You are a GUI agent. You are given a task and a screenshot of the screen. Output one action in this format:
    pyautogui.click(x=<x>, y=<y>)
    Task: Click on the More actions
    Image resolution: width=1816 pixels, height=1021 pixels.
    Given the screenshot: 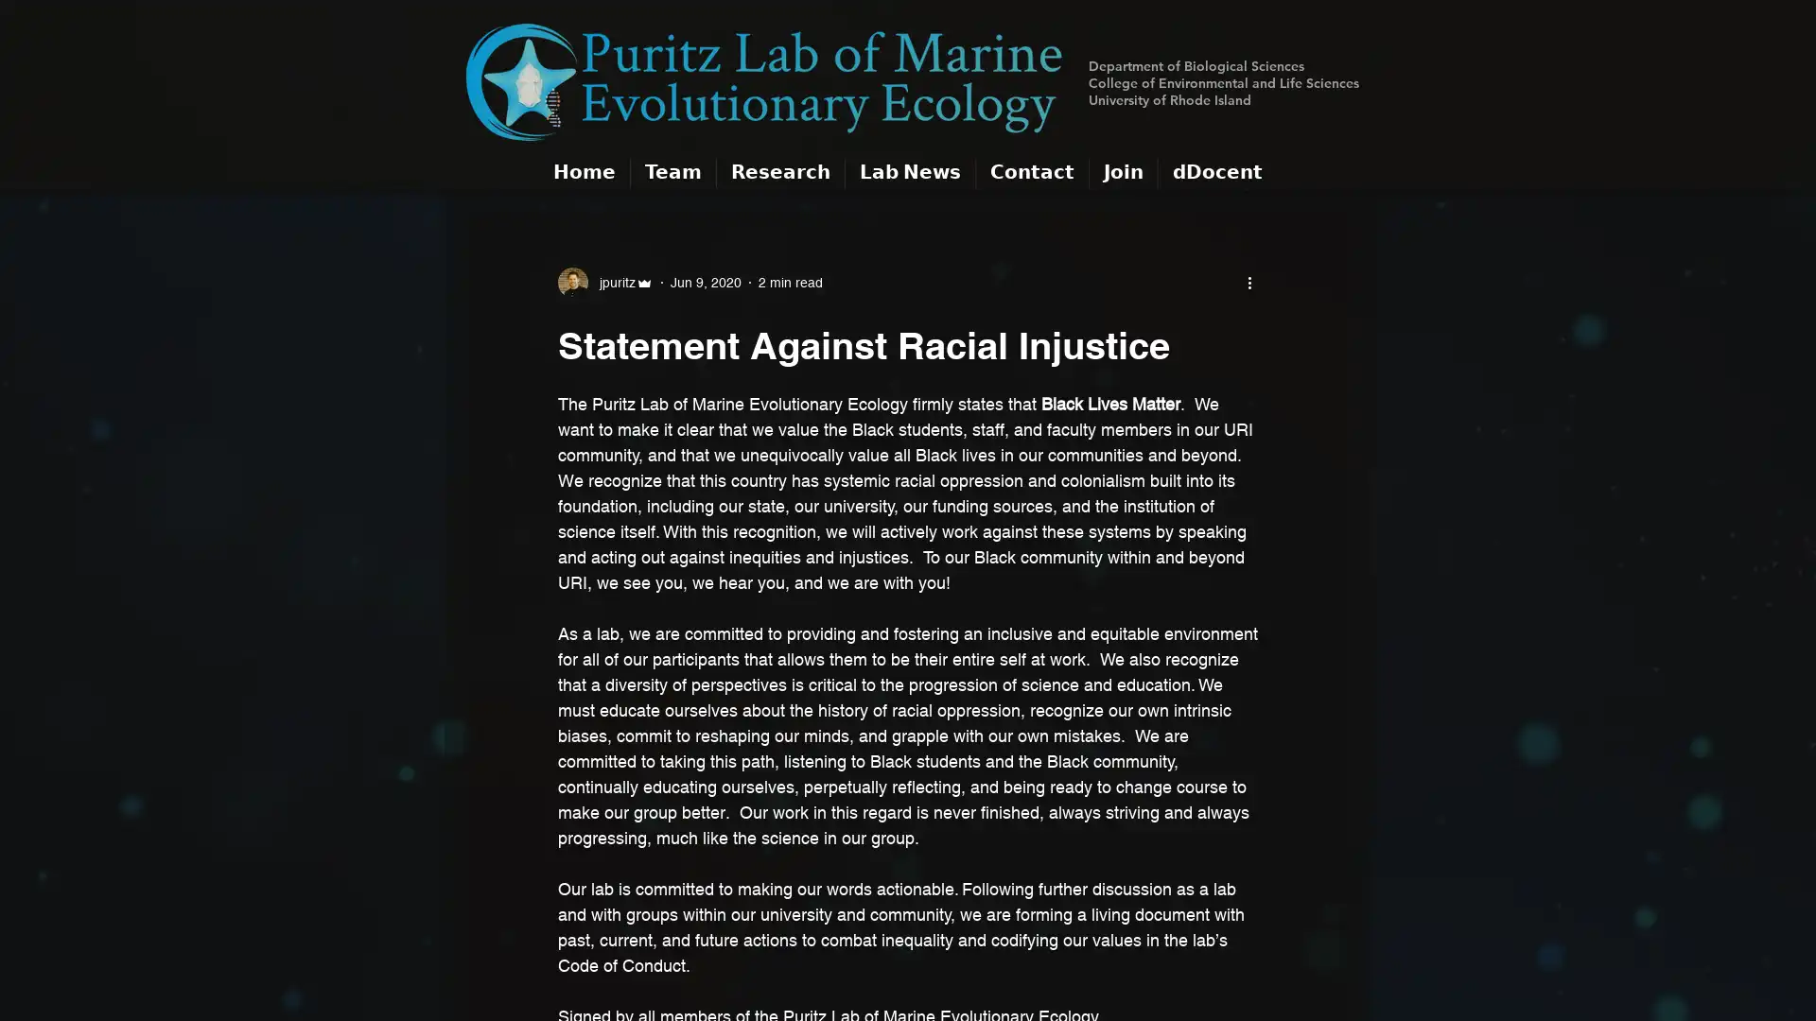 What is the action you would take?
    pyautogui.click(x=1255, y=282)
    